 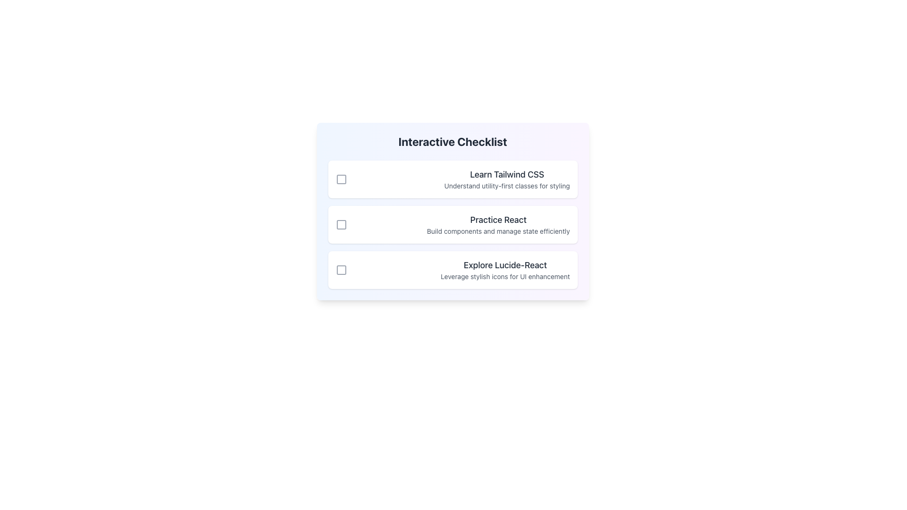 I want to click on the text label that reads 'Understand utility-first classes for styling', which is styled with a smaller font size and gray coloring, located immediately below the main title 'Learn Tailwind CSS', so click(x=506, y=186).